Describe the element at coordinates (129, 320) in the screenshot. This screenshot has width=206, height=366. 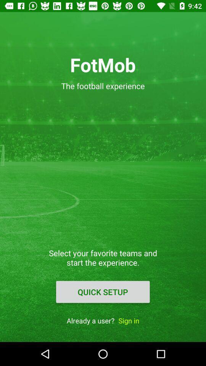
I see `the item next to the already a user? icon` at that location.